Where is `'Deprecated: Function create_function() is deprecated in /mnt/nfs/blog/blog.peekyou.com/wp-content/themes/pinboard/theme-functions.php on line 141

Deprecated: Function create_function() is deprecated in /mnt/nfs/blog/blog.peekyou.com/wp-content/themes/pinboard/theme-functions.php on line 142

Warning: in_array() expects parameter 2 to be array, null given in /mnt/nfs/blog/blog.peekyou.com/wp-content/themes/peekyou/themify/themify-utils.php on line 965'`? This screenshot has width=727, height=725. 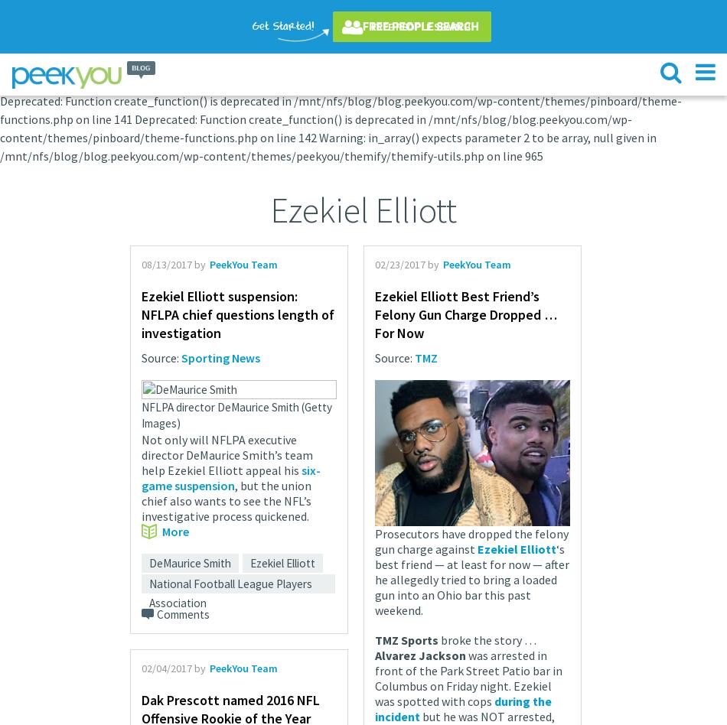
'Deprecated: Function create_function() is deprecated in /mnt/nfs/blog/blog.peekyou.com/wp-content/themes/pinboard/theme-functions.php on line 141

Deprecated: Function create_function() is deprecated in /mnt/nfs/blog/blog.peekyou.com/wp-content/themes/pinboard/theme-functions.php on line 142

Warning: in_array() expects parameter 2 to be array, null given in /mnt/nfs/blog/blog.peekyou.com/wp-content/themes/peekyou/themify/themify-utils.php on line 965' is located at coordinates (0, 127).